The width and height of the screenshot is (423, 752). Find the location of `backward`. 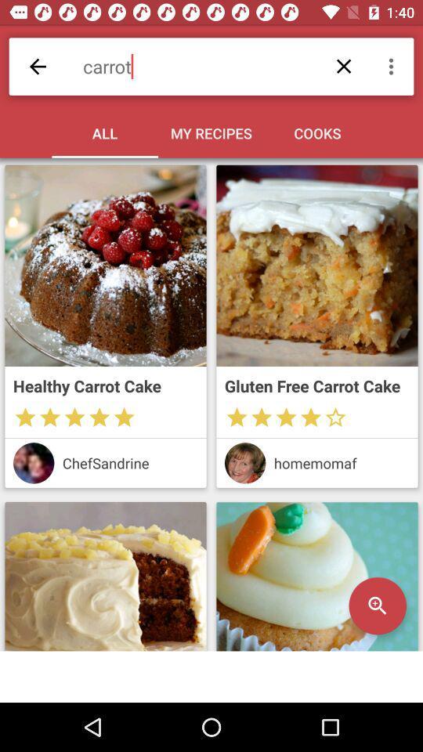

backward is located at coordinates (38, 67).